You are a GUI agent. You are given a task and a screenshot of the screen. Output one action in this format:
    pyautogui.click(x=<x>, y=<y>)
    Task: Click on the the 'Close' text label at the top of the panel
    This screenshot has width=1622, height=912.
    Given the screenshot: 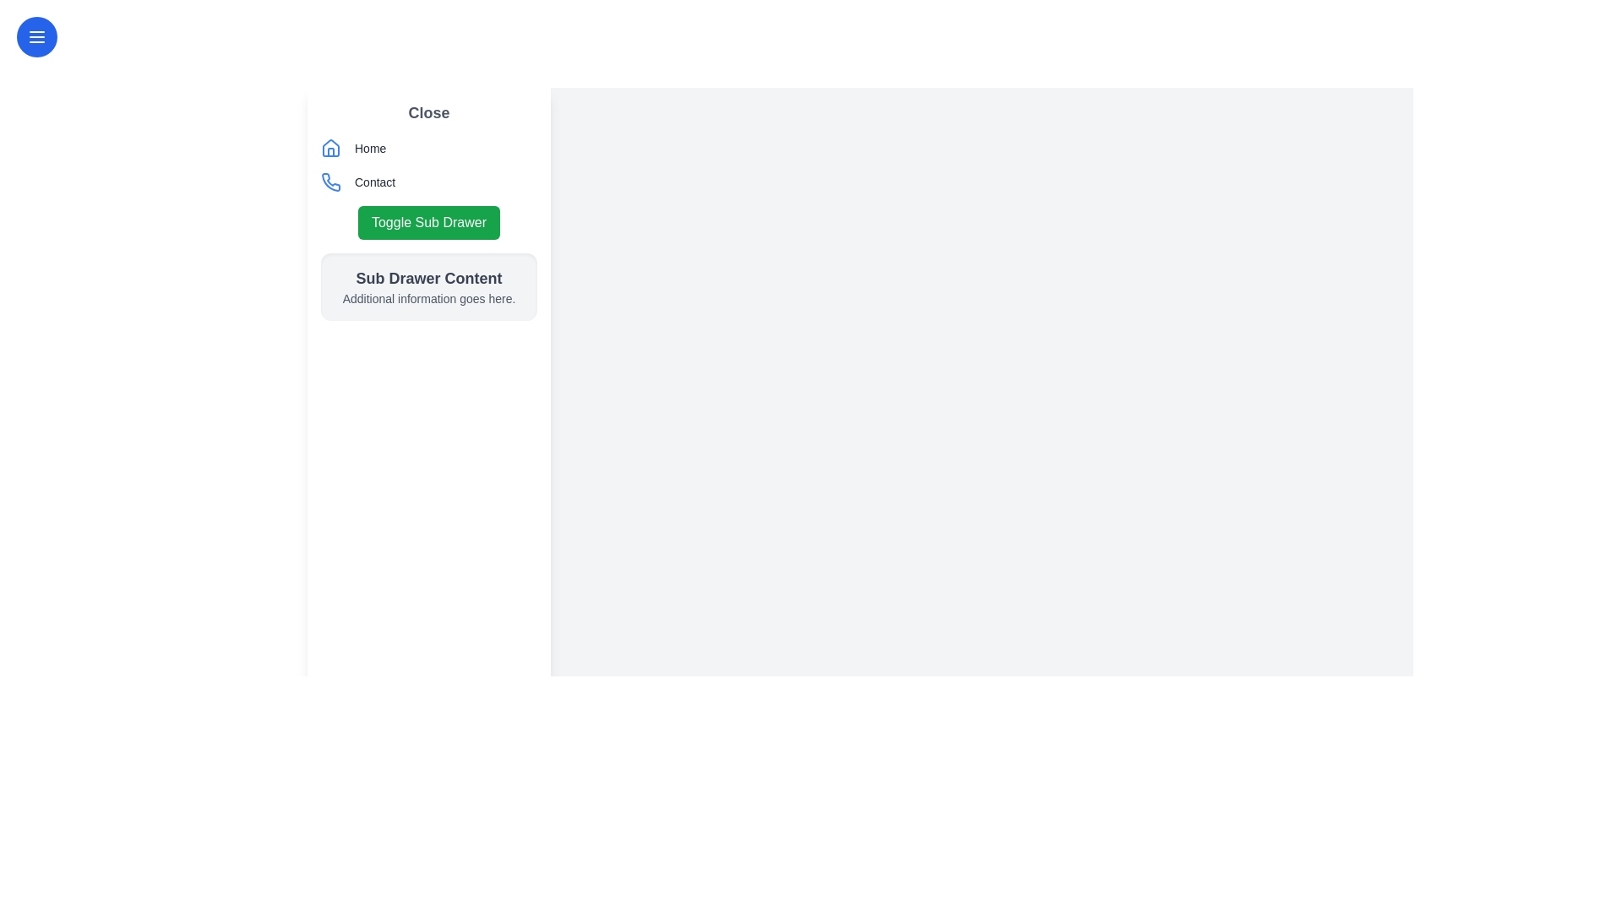 What is the action you would take?
    pyautogui.click(x=429, y=113)
    